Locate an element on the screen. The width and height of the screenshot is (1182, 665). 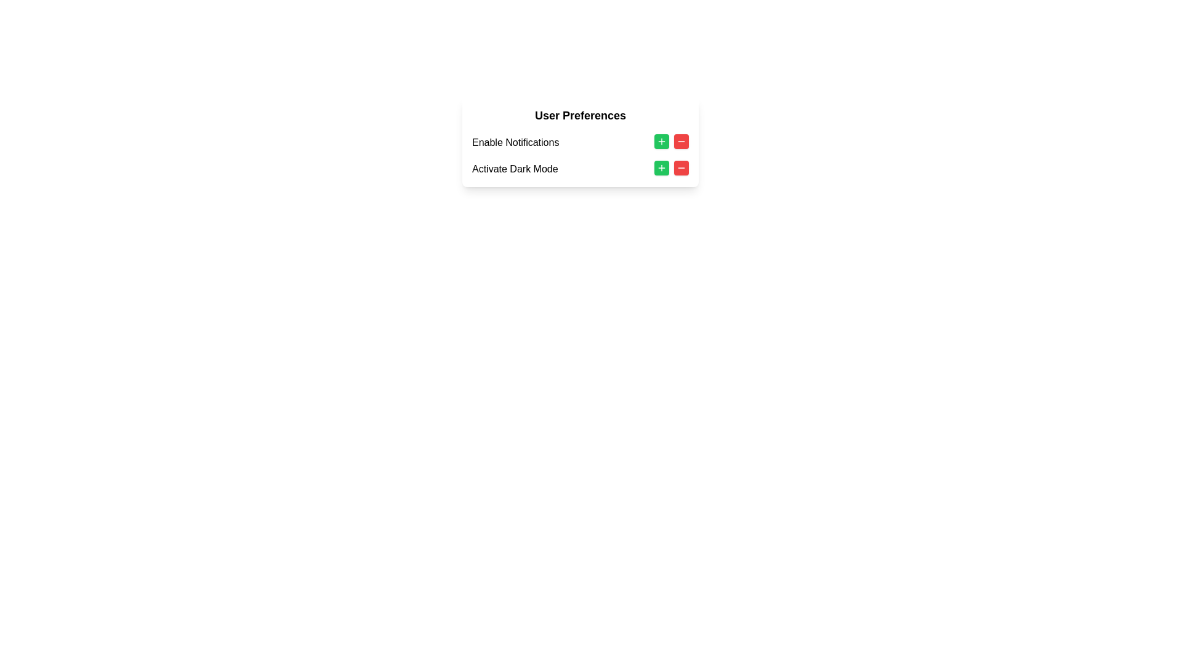
the buttons in the Control Row for toggling the 'Dark Mode' preference is located at coordinates (579, 169).